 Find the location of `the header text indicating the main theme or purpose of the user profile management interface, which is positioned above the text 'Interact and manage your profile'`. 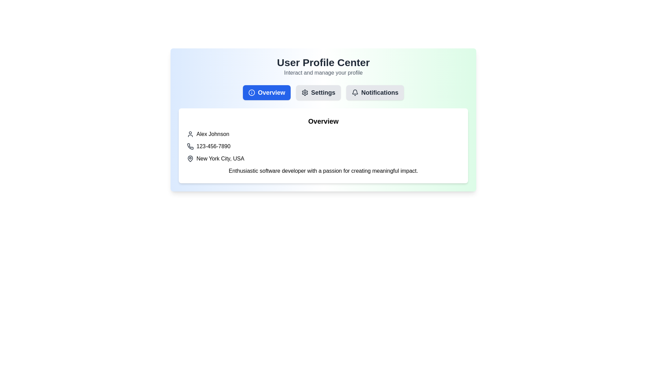

the header text indicating the main theme or purpose of the user profile management interface, which is positioned above the text 'Interact and manage your profile' is located at coordinates (323, 63).